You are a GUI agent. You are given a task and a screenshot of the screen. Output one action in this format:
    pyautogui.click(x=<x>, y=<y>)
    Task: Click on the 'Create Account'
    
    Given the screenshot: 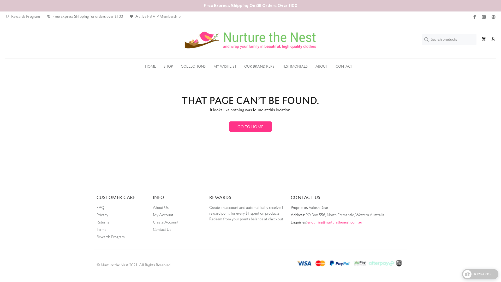 What is the action you would take?
    pyautogui.click(x=152, y=222)
    